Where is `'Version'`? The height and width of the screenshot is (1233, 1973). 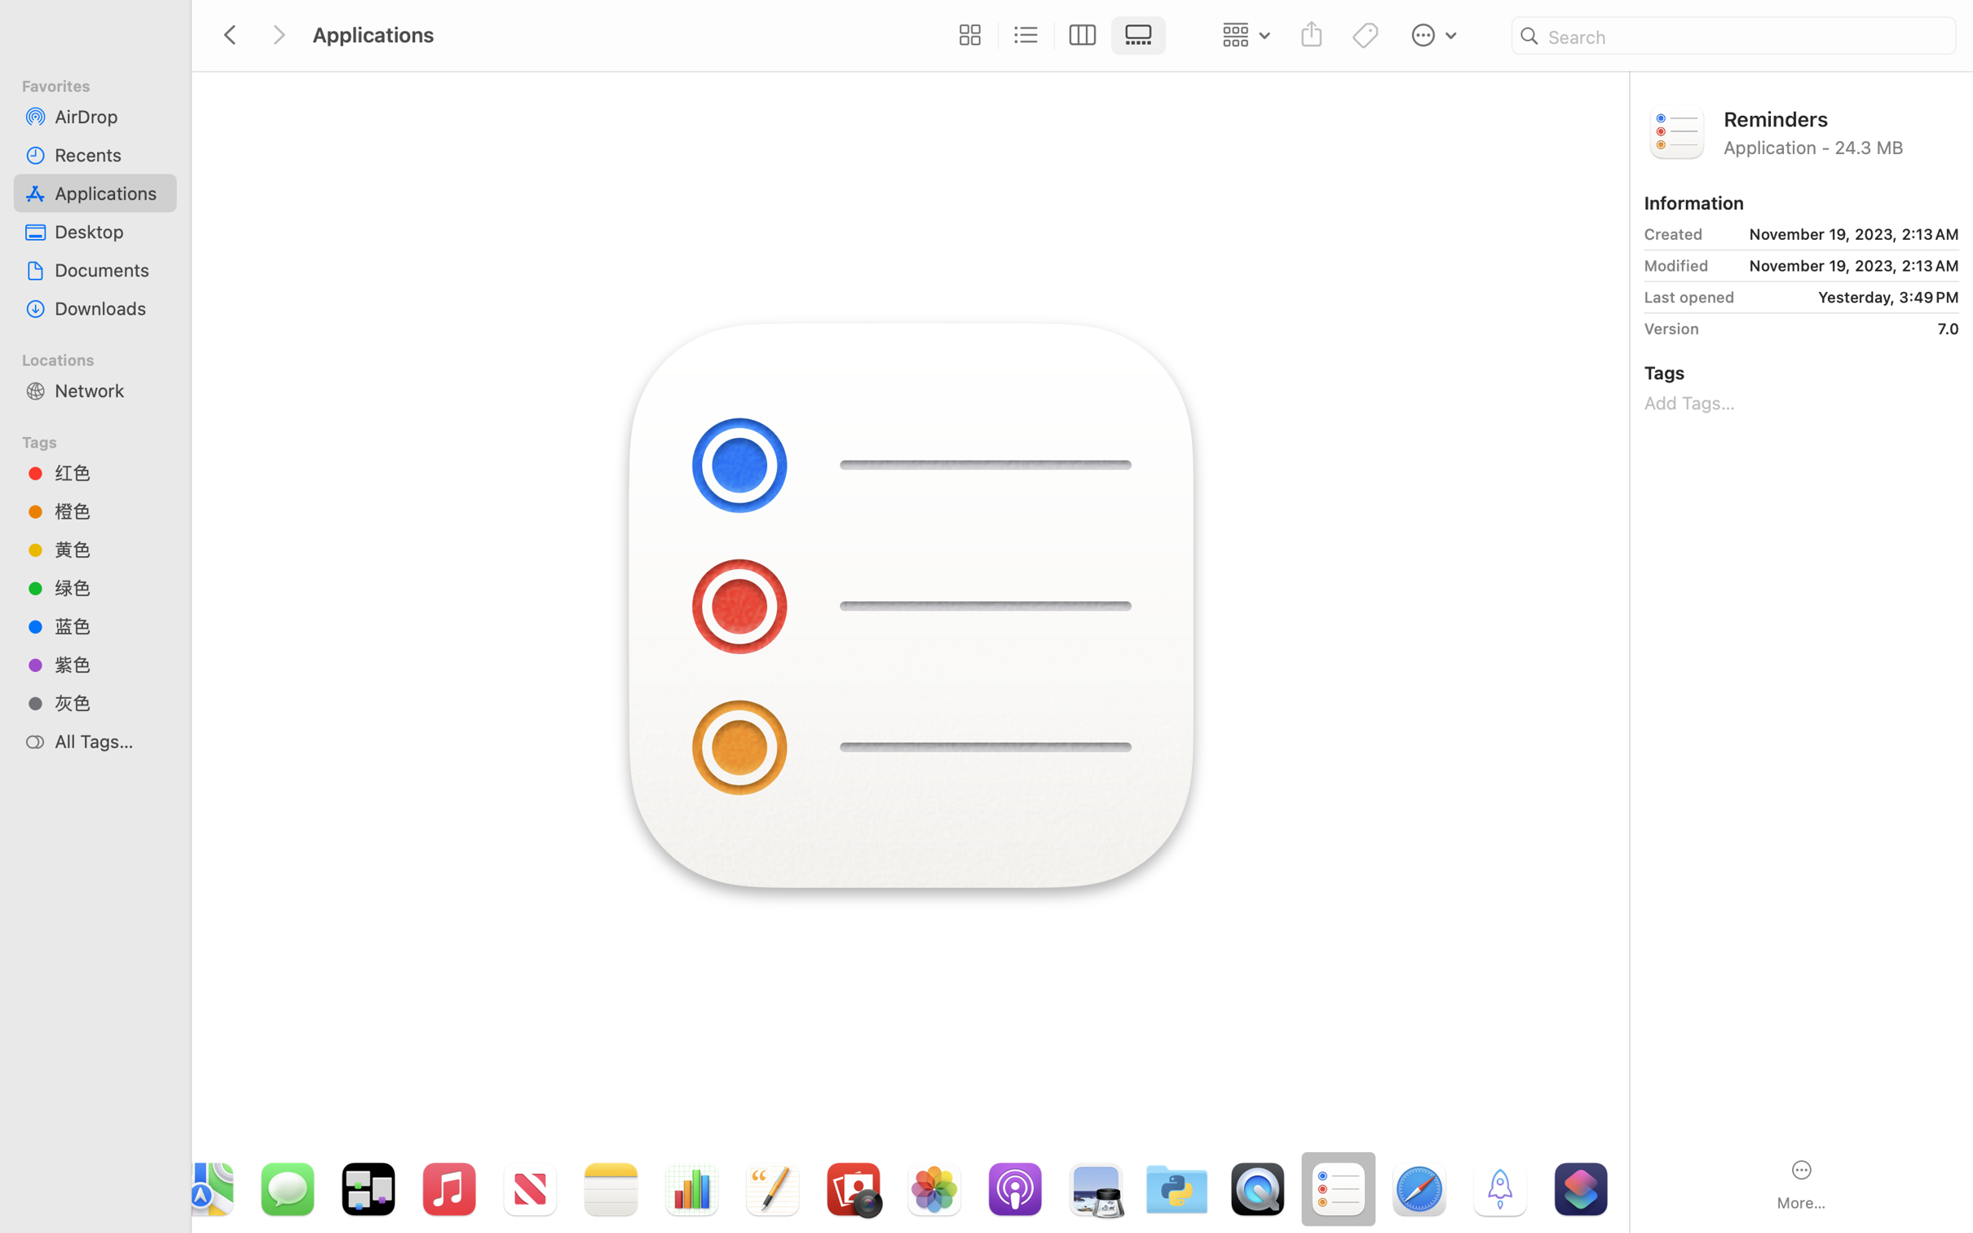 'Version' is located at coordinates (1671, 329).